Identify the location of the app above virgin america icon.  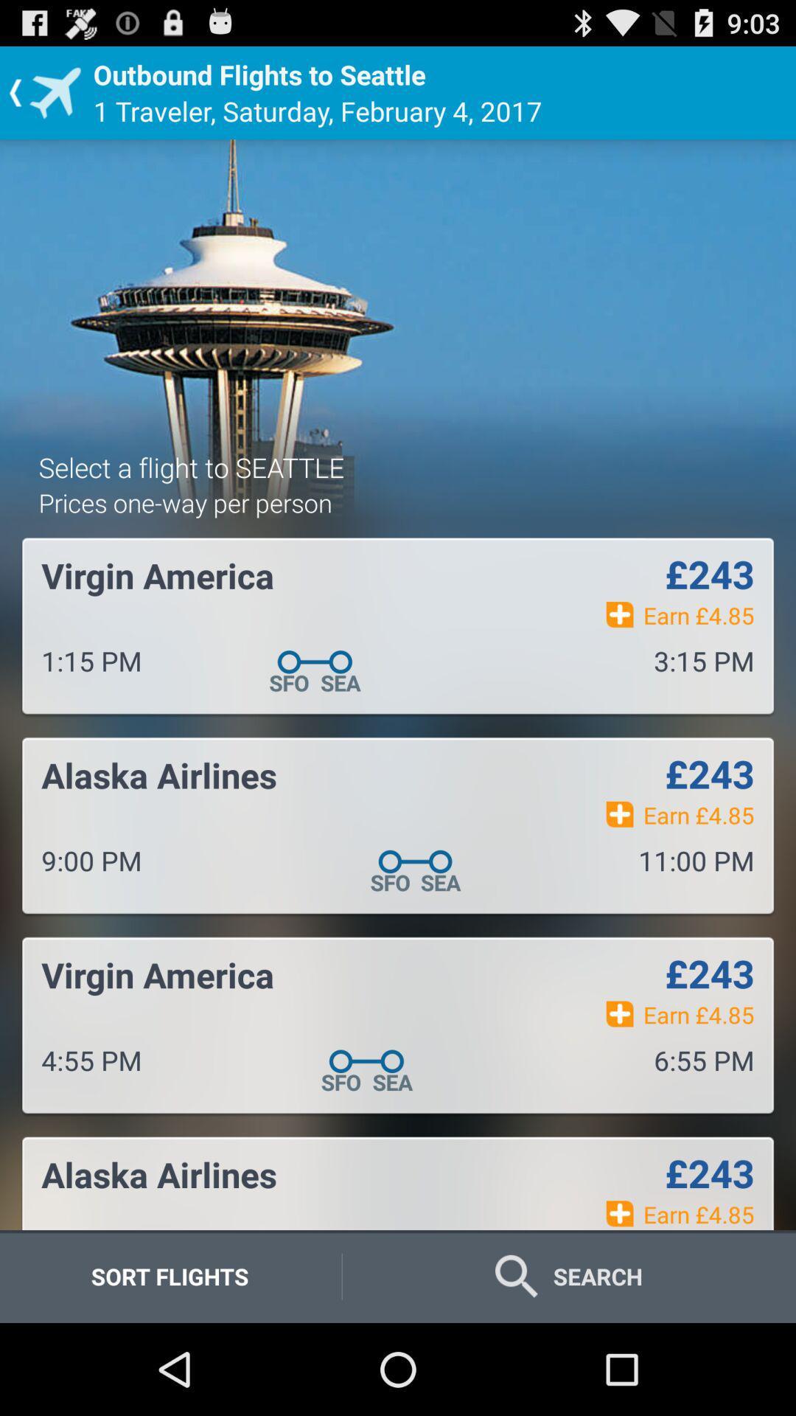
(184, 502).